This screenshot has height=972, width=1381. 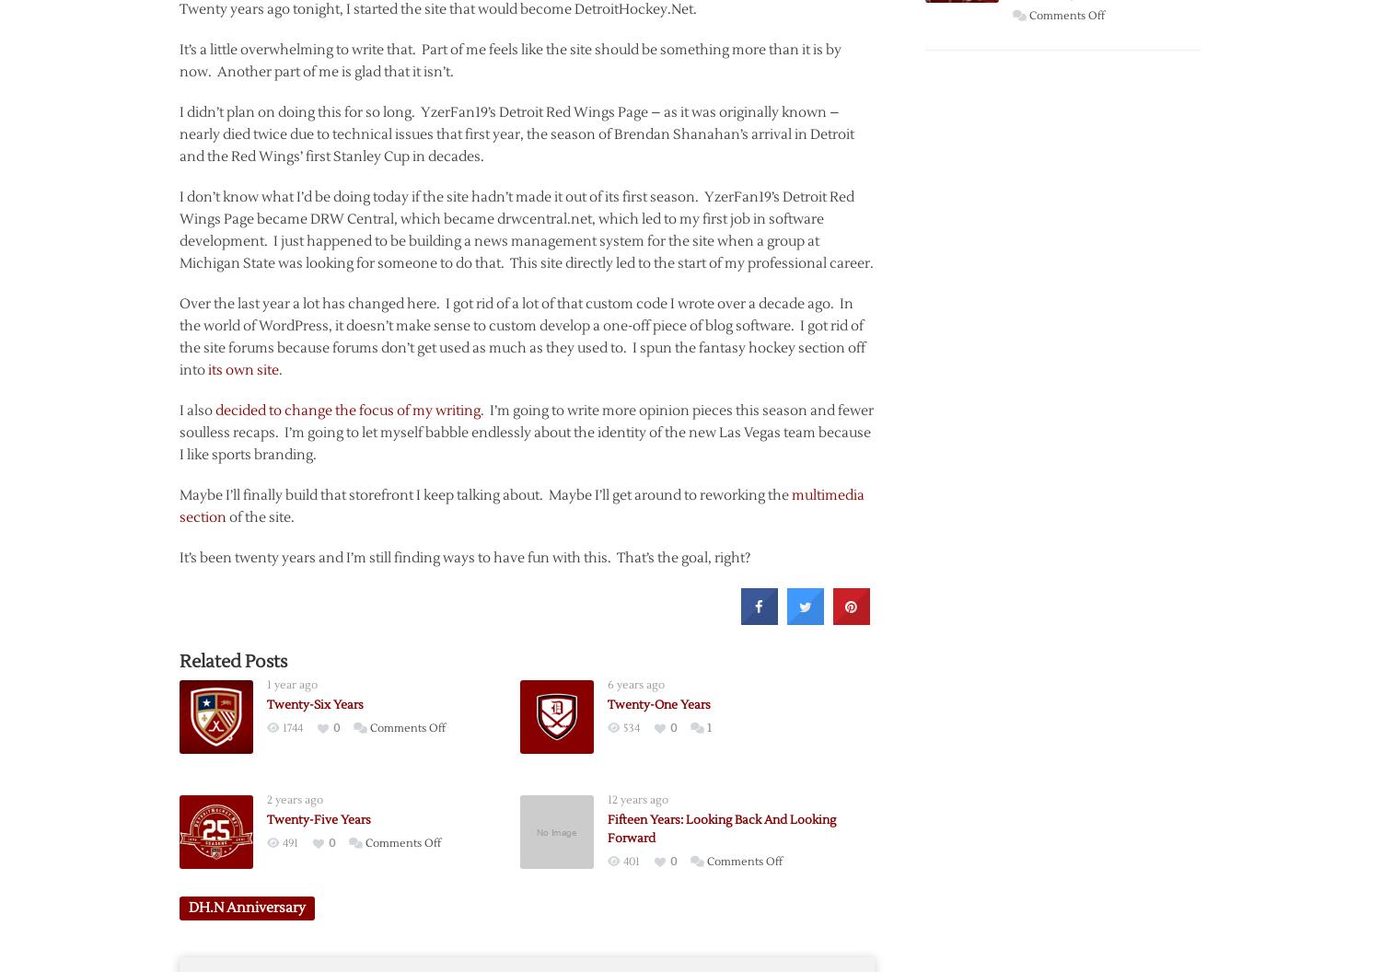 What do you see at coordinates (525, 228) in the screenshot?
I see `'I don’t know what I’d be doing today if the site hadn’t made it out of its first season.  YzerFan19’s Detroit Red Wings Page became DRW Central, which became drwcentral.net, which led to my first job in software development.  I just happened to be building a news management system for the site when a group at Michigan State was looking for someone to do that.  This site directly led to the start of my professional career.'` at bounding box center [525, 228].